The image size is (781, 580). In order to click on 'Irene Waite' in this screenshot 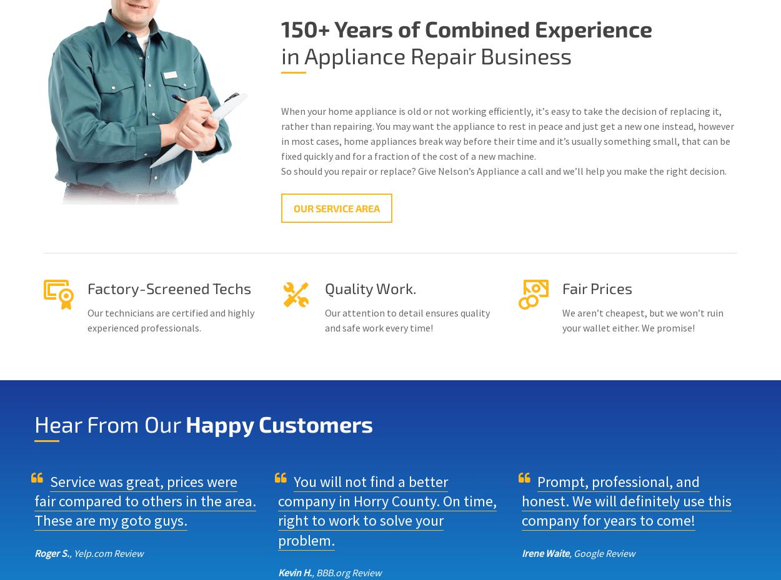, I will do `click(545, 552)`.